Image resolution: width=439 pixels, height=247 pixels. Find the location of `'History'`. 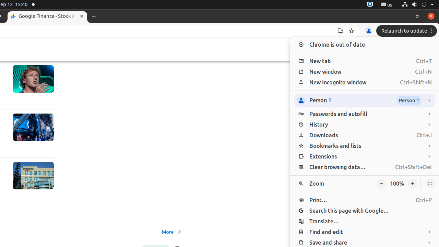

'History' is located at coordinates (364, 125).